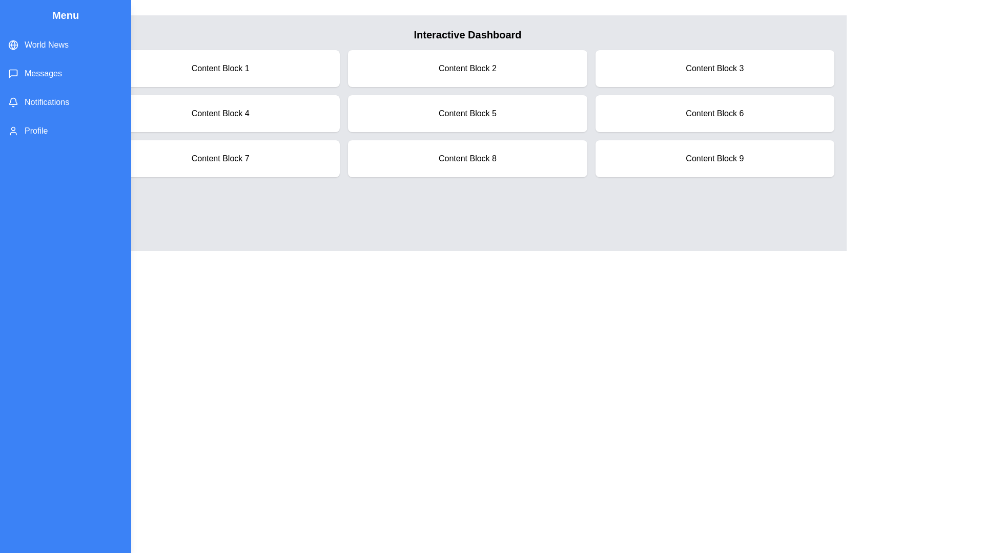 The height and width of the screenshot is (553, 984). What do you see at coordinates (65, 102) in the screenshot?
I see `the menu item Notifications to highlight it` at bounding box center [65, 102].